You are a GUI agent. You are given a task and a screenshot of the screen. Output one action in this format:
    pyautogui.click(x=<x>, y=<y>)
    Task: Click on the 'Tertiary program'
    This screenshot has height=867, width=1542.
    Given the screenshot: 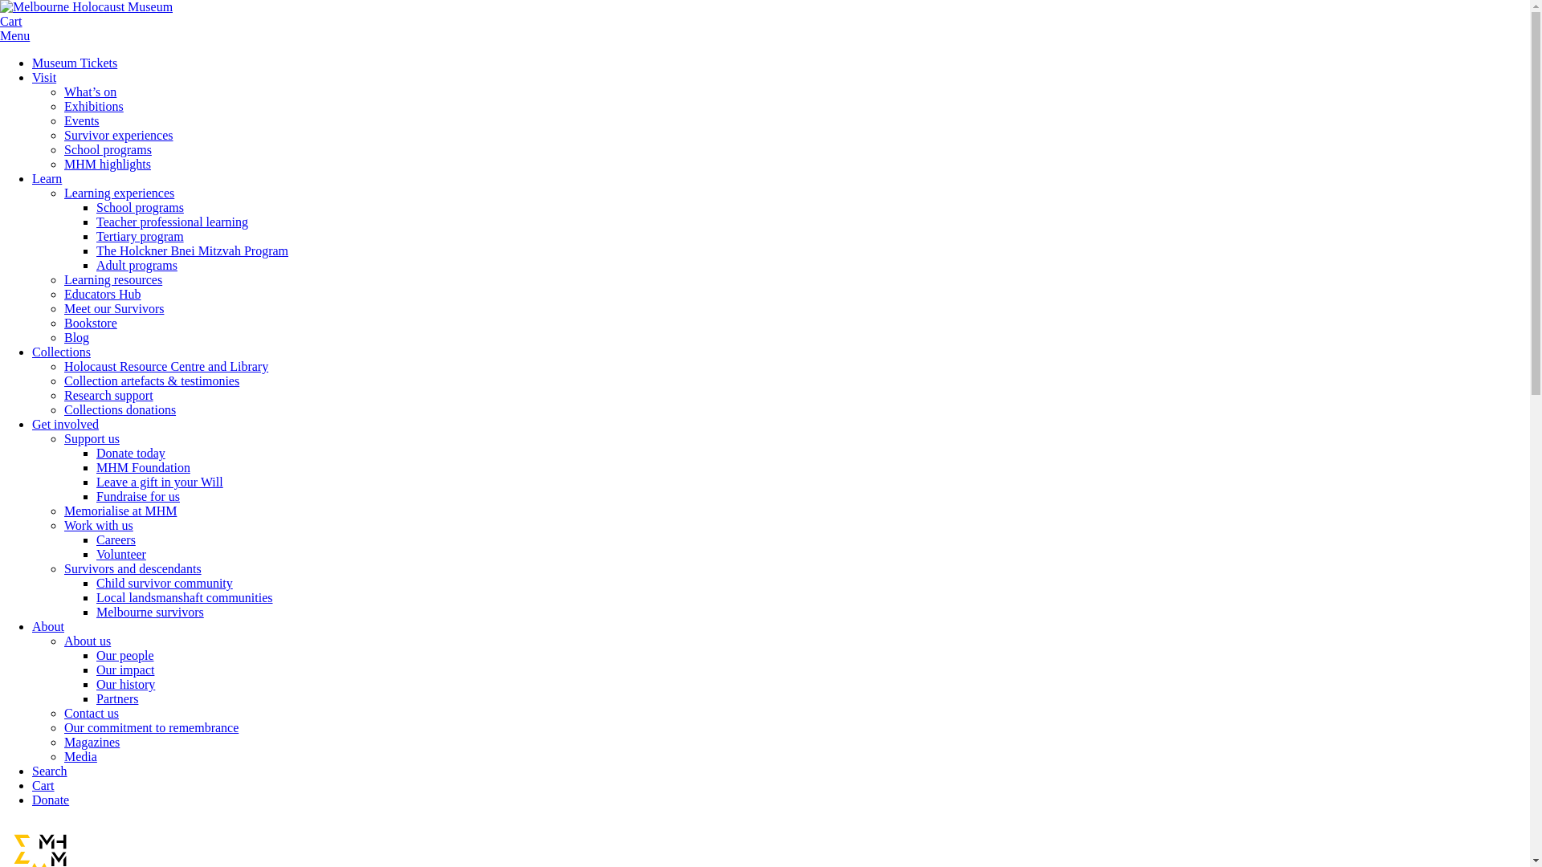 What is the action you would take?
    pyautogui.click(x=140, y=236)
    